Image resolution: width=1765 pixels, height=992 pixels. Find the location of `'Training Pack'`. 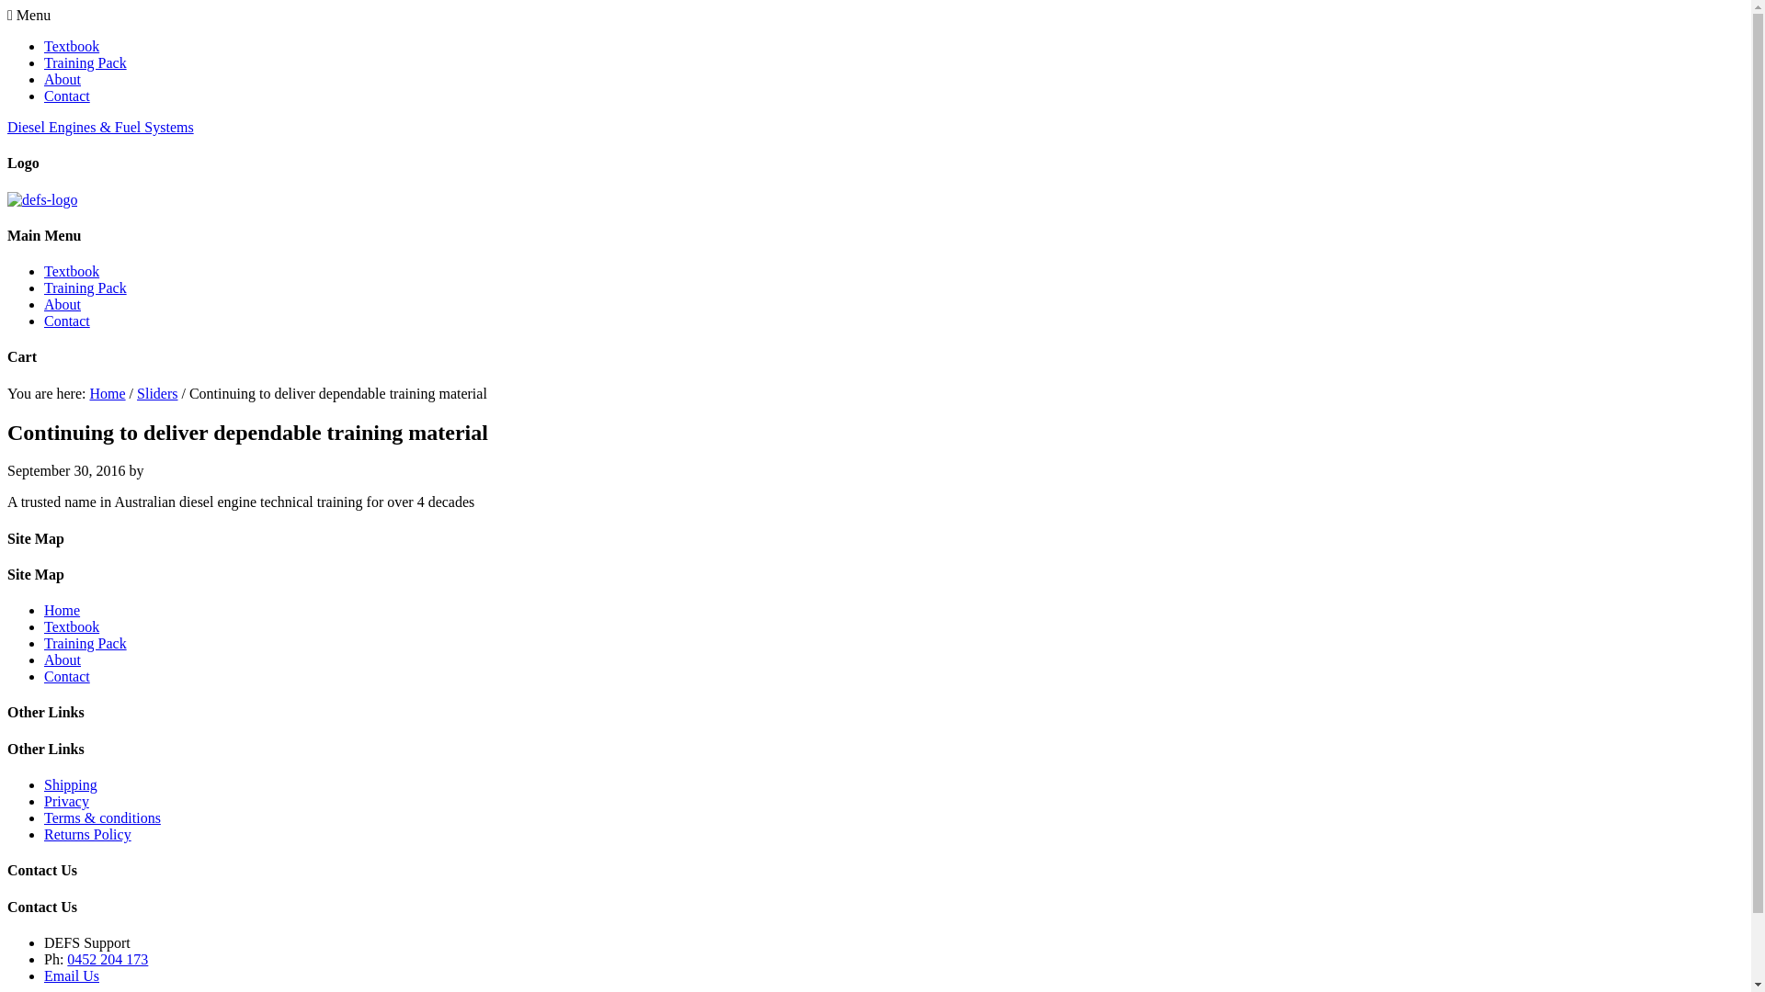

'Training Pack' is located at coordinates (84, 642).